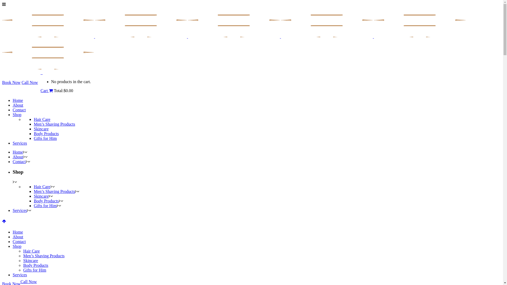 The width and height of the screenshot is (507, 285). What do you see at coordinates (18, 100) in the screenshot?
I see `'Home'` at bounding box center [18, 100].